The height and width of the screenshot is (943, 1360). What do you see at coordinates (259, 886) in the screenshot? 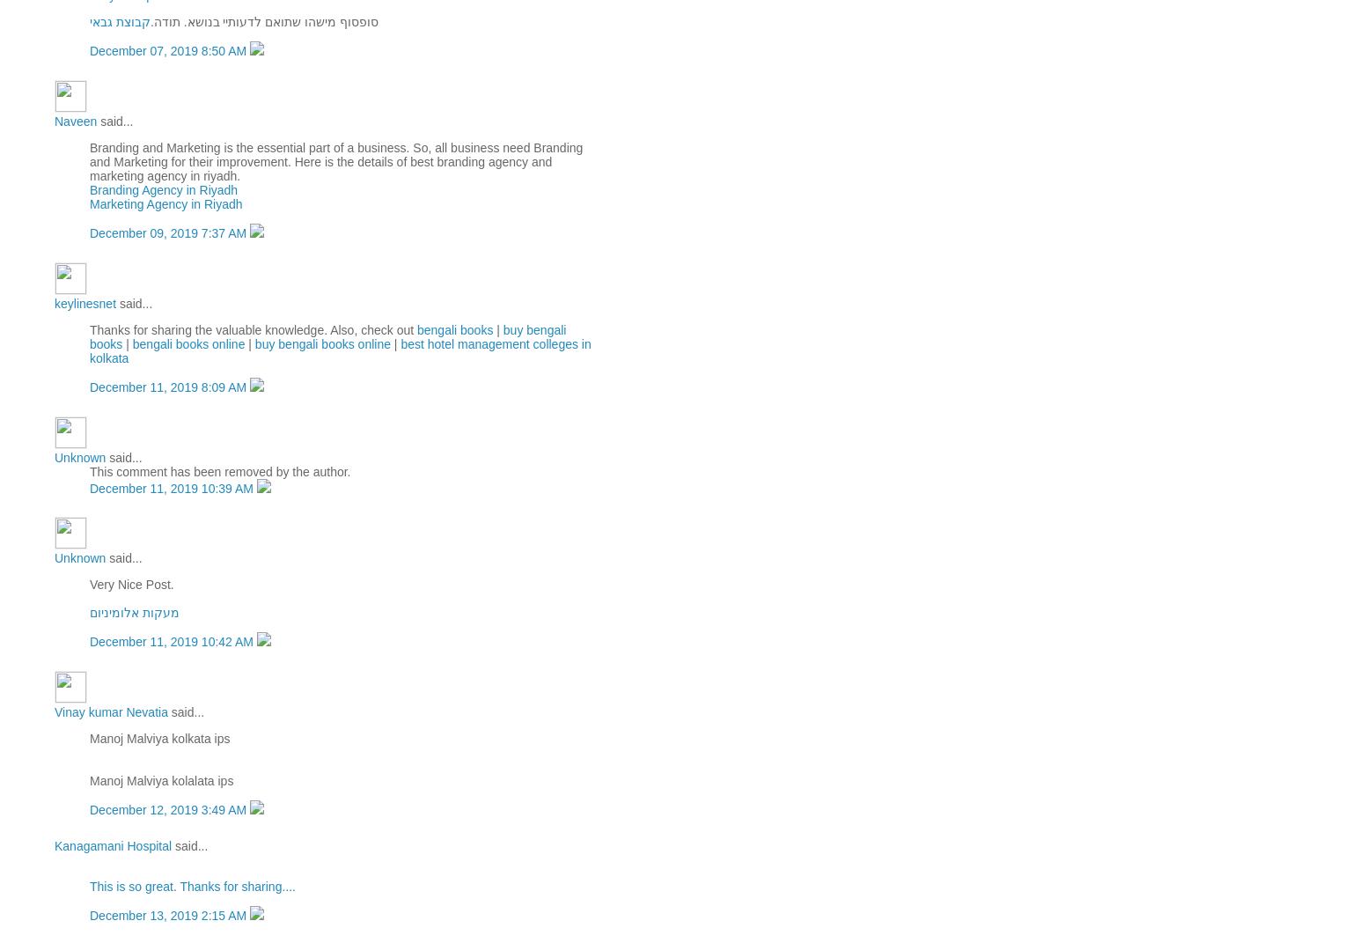
I see `'for sharing....'` at bounding box center [259, 886].